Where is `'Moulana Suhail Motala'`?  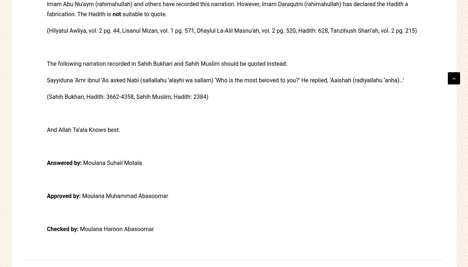 'Moulana Suhail Motala' is located at coordinates (81, 163).